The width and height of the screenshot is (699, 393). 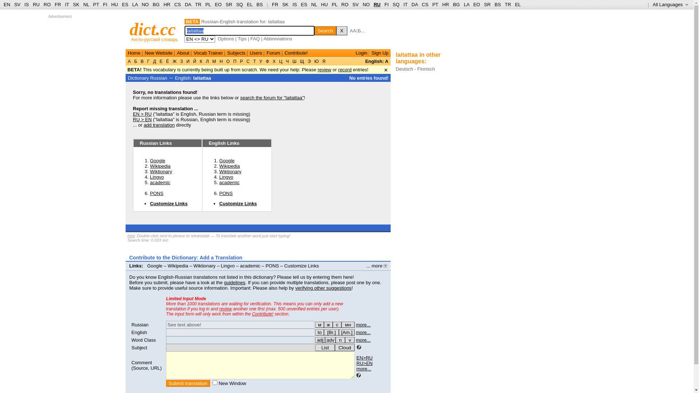 I want to click on '[Am.]', so click(x=346, y=332).